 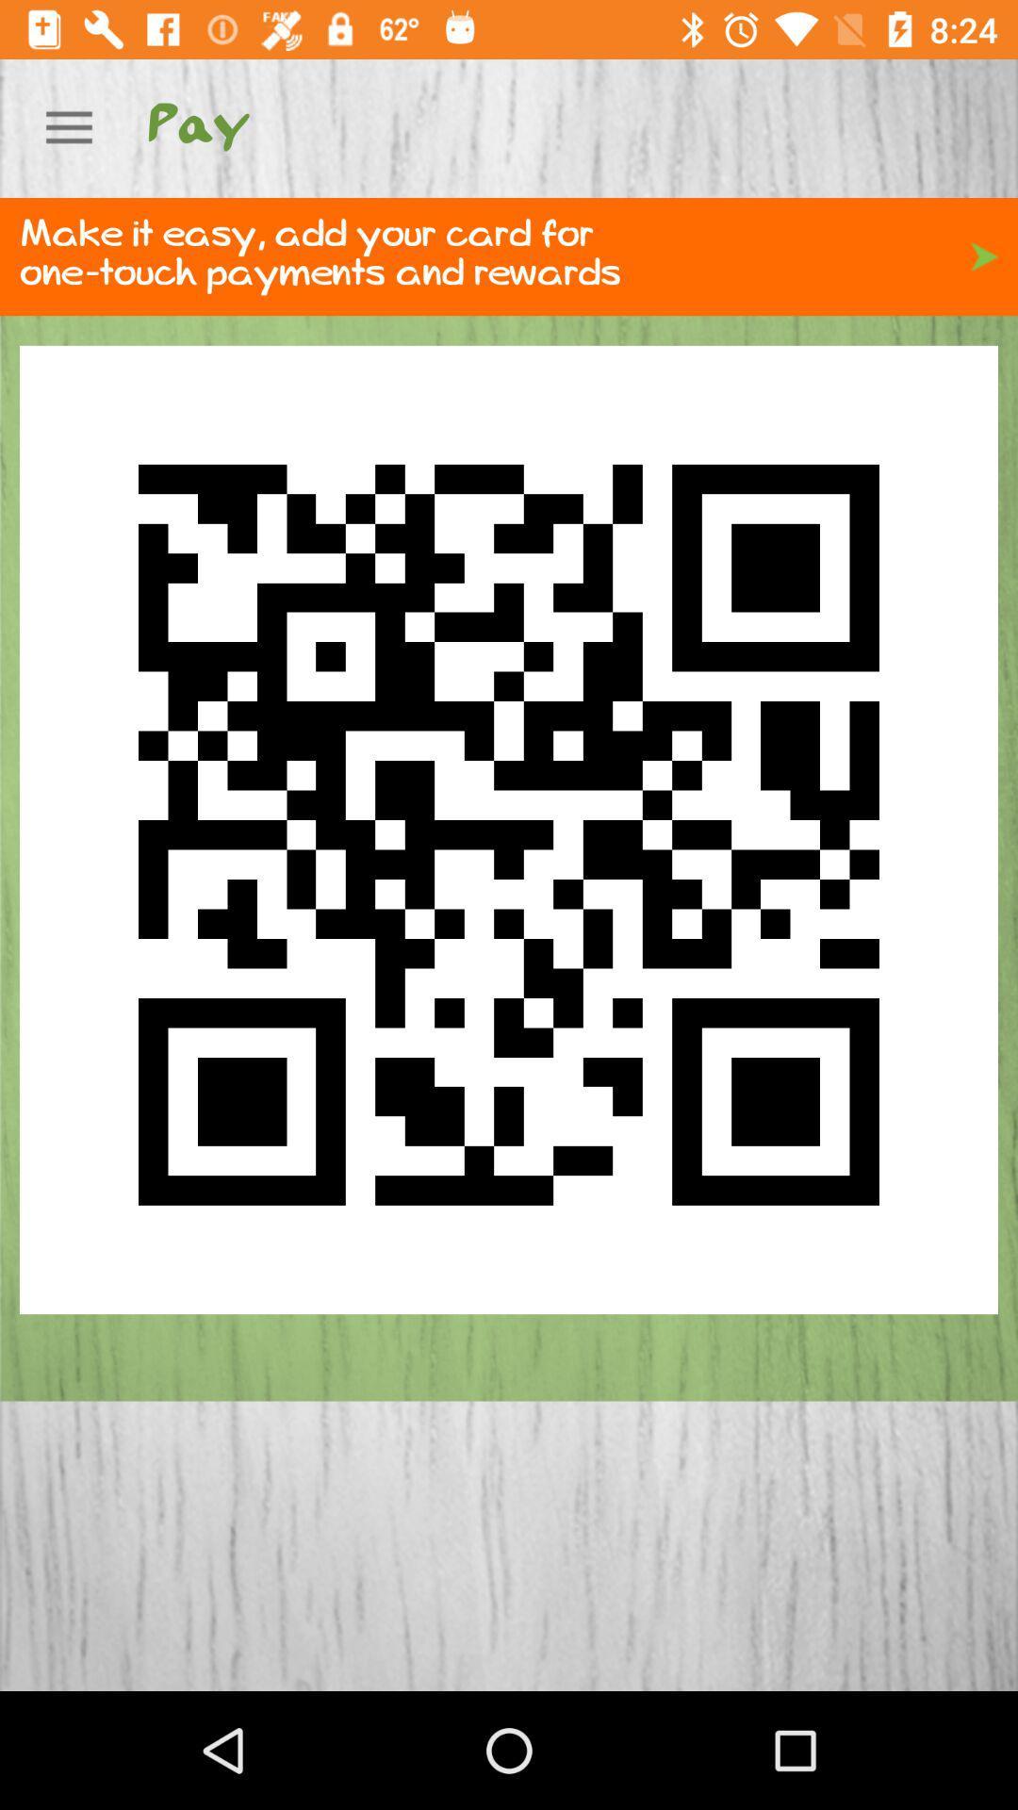 What do you see at coordinates (68, 127) in the screenshot?
I see `the item to the left of the pay item` at bounding box center [68, 127].